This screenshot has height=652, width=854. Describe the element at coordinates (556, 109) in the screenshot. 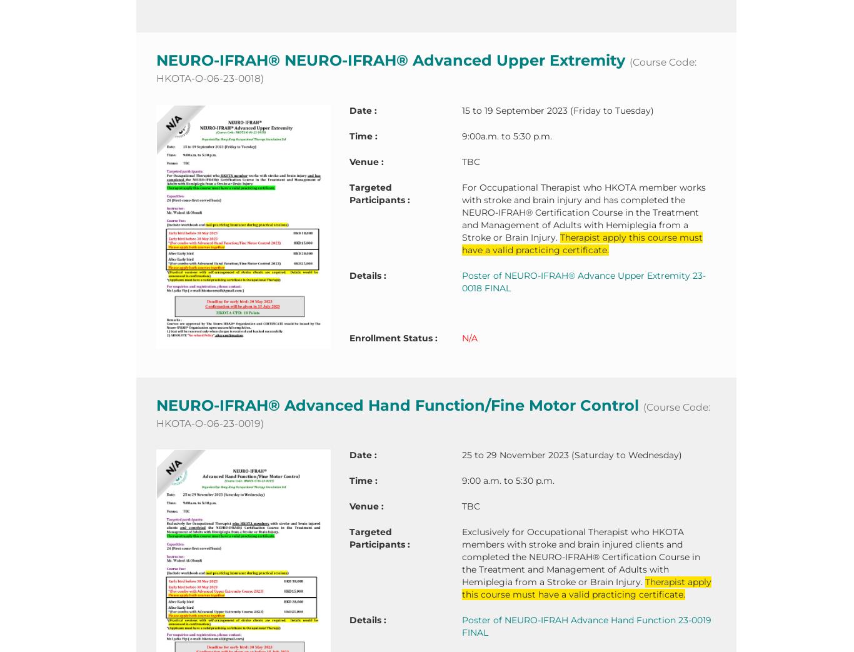

I see `'15 to 19 September 2023 (Friday to Tuesday)'` at that location.